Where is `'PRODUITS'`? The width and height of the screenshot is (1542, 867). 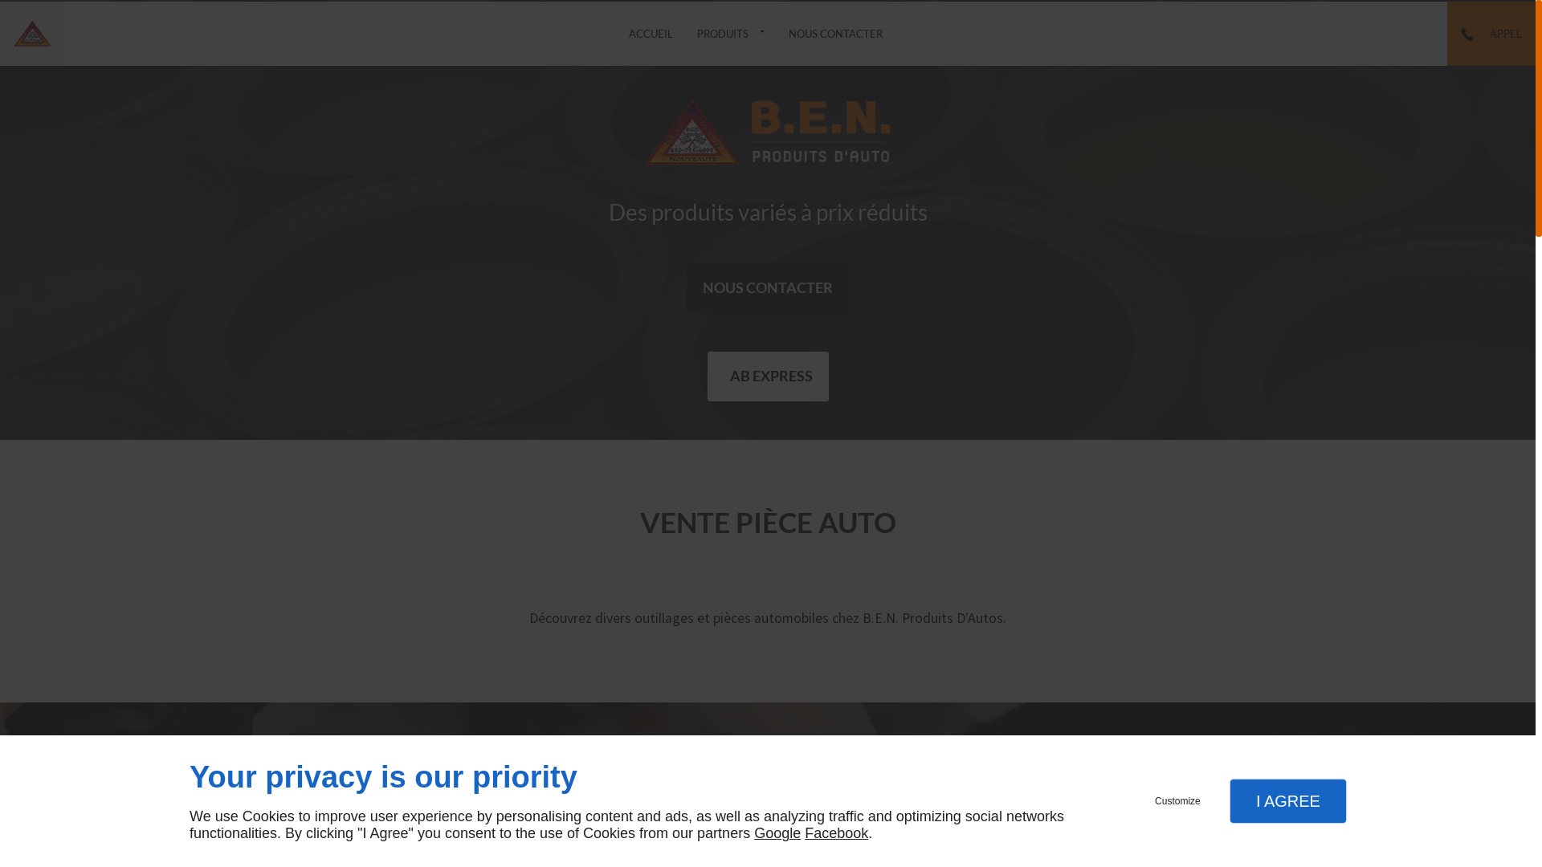 'PRODUITS' is located at coordinates (730, 34).